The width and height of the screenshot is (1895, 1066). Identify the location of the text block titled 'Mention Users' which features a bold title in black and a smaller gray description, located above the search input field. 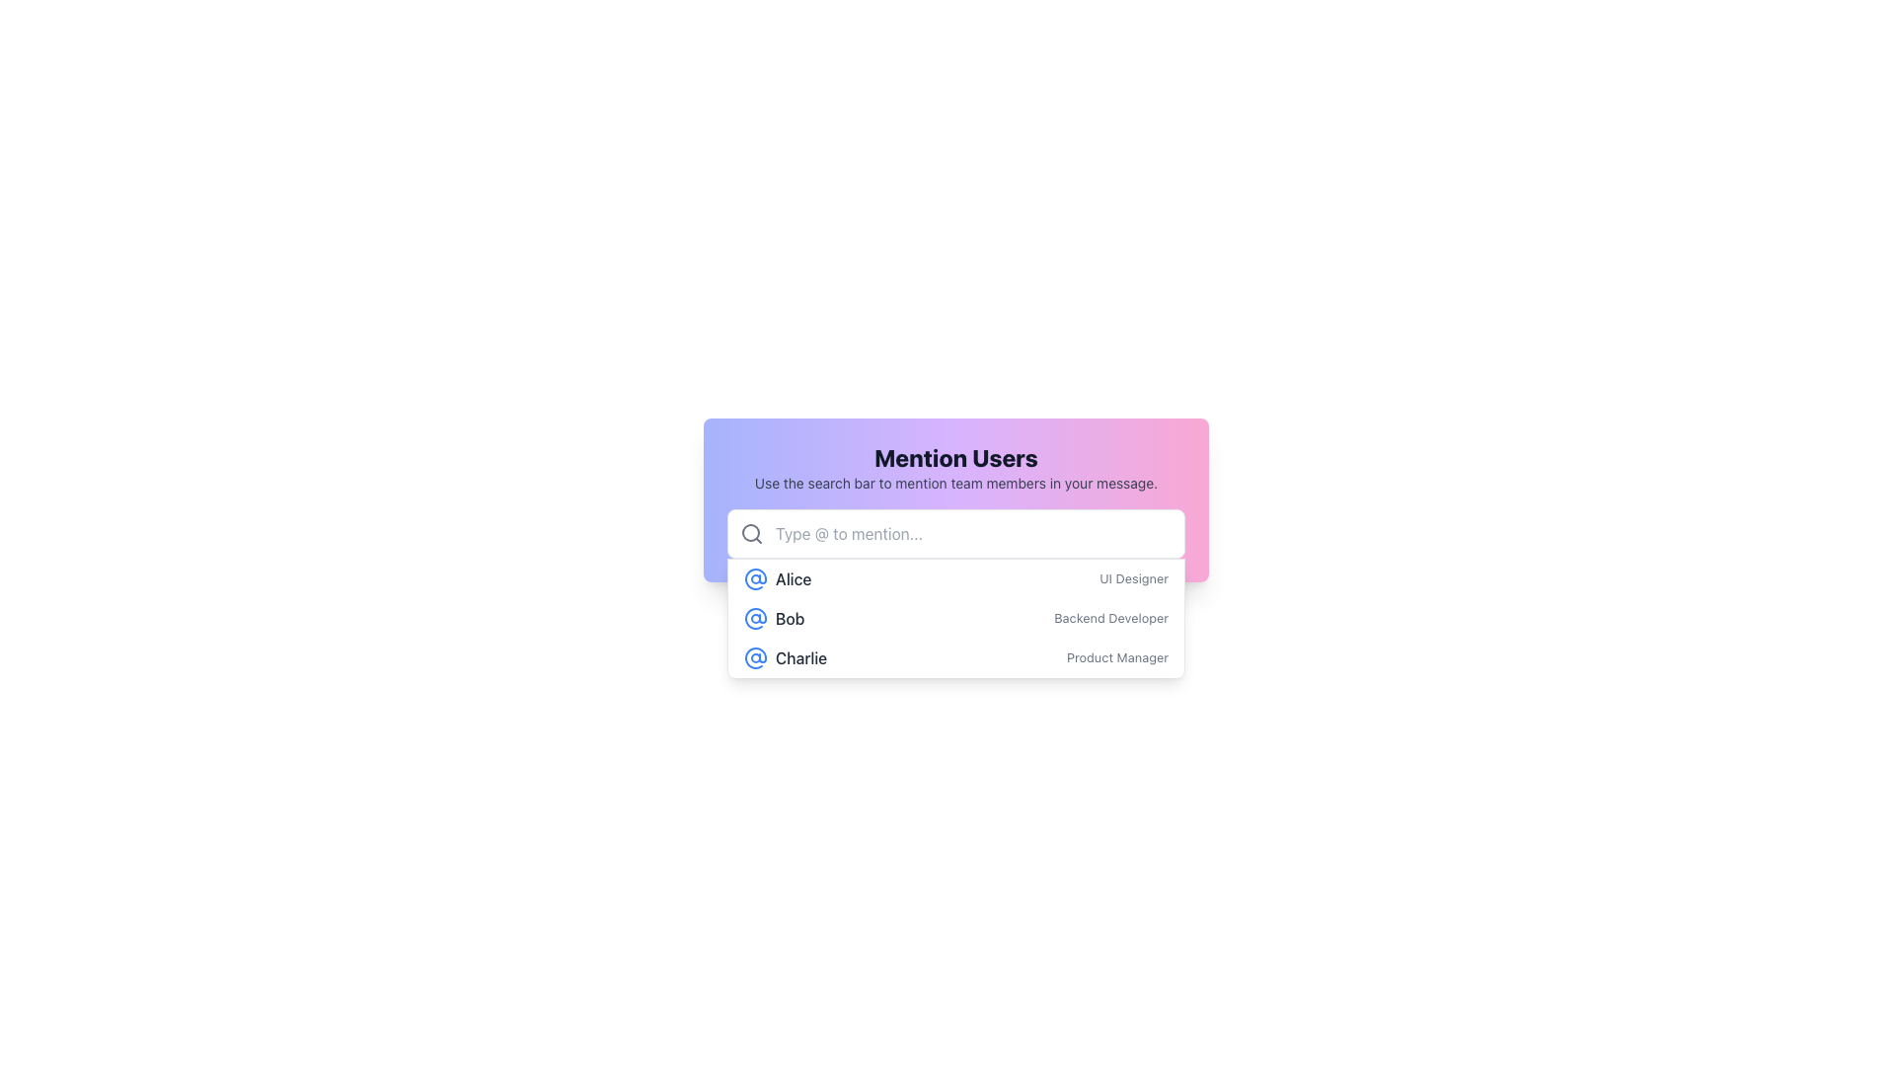
(956, 468).